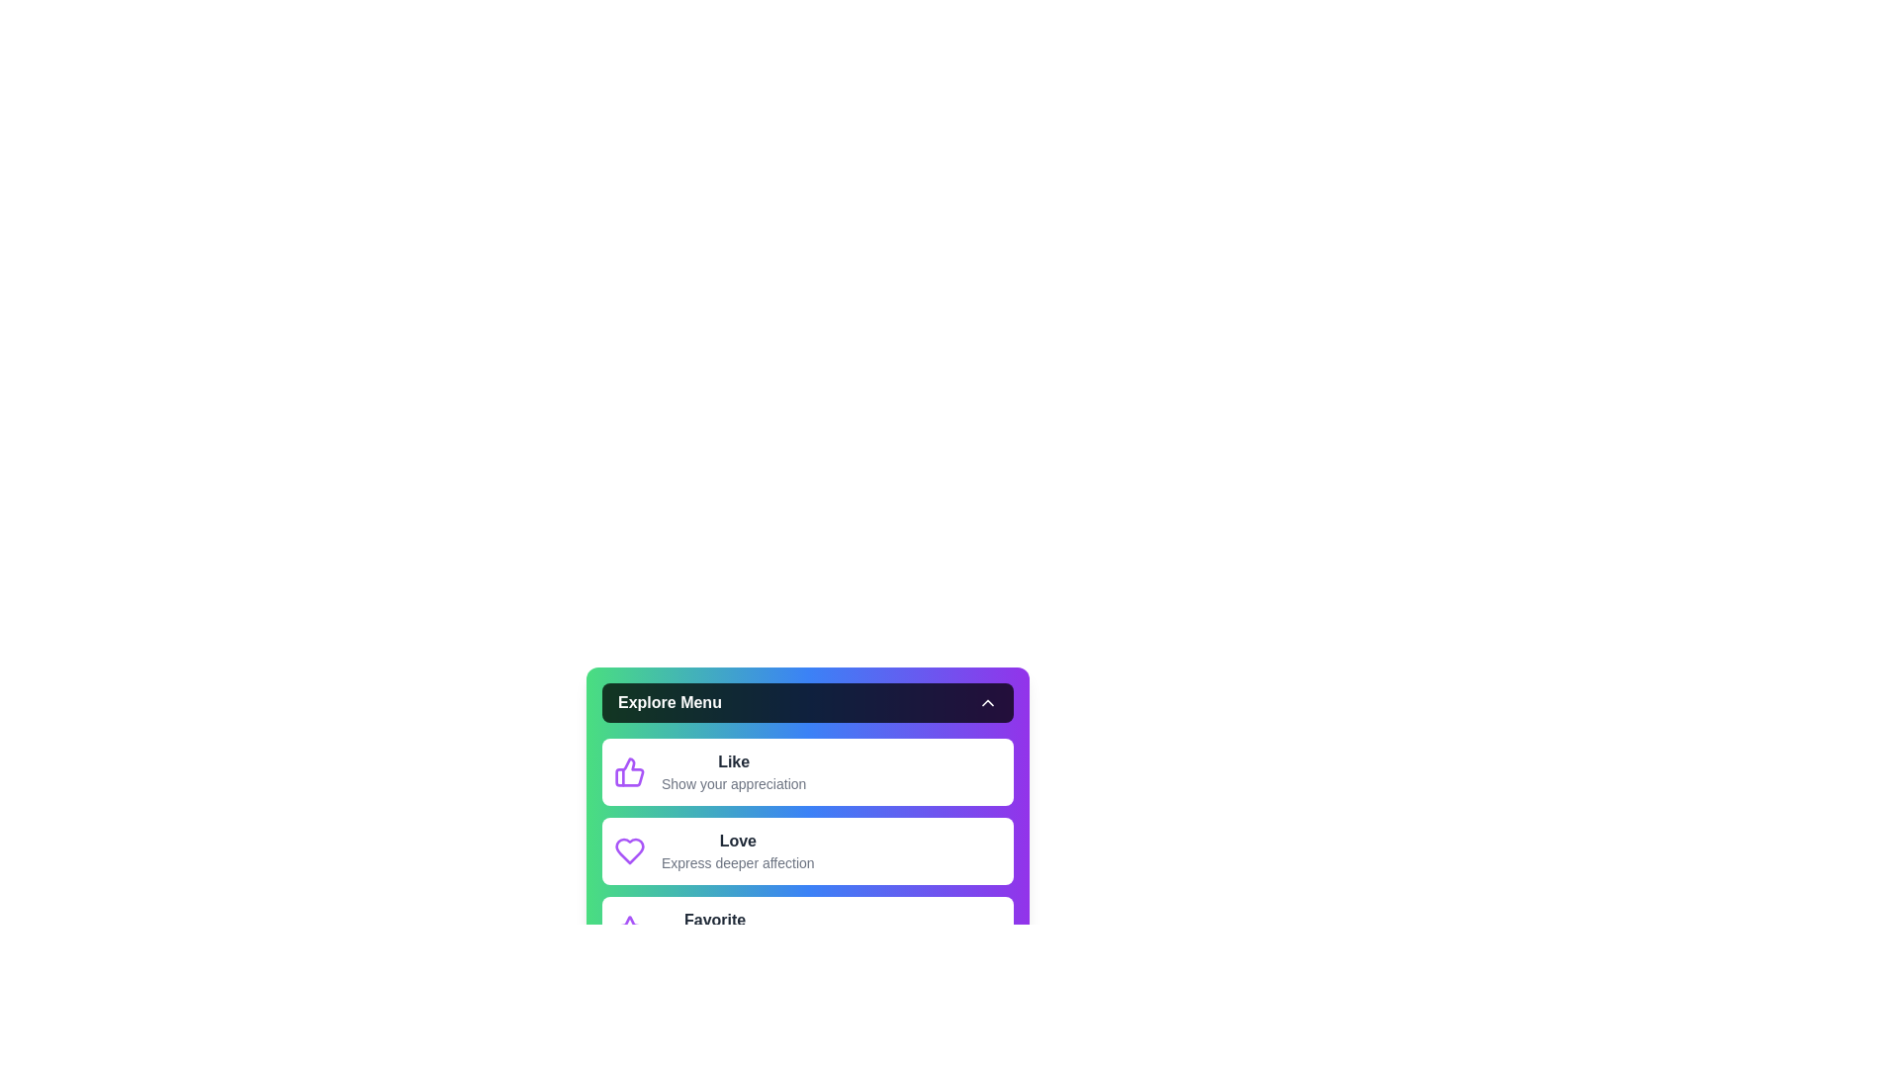 This screenshot has width=1899, height=1068. Describe the element at coordinates (807, 931) in the screenshot. I see `the menu option Favorite by clicking on it` at that location.